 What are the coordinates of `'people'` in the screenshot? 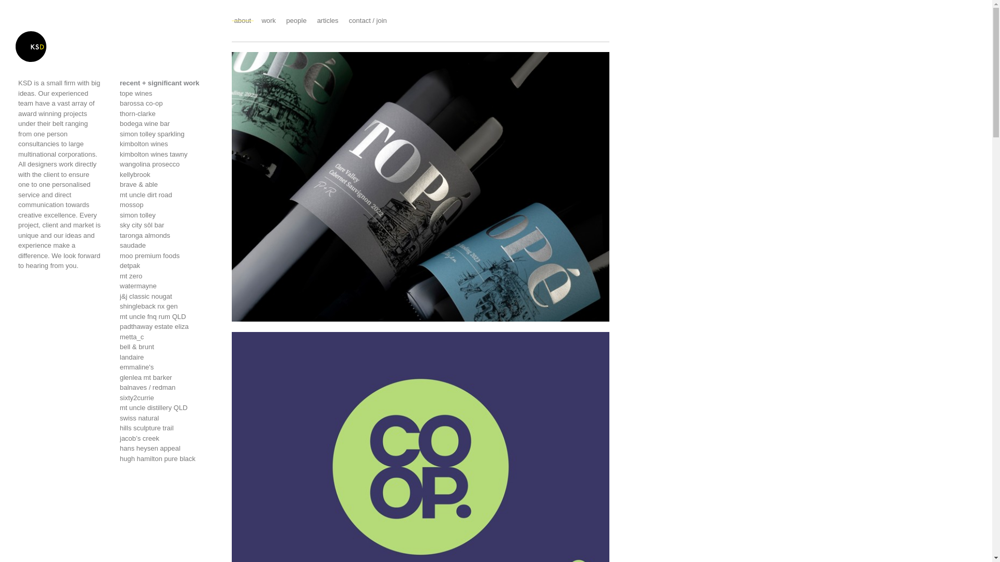 It's located at (296, 20).